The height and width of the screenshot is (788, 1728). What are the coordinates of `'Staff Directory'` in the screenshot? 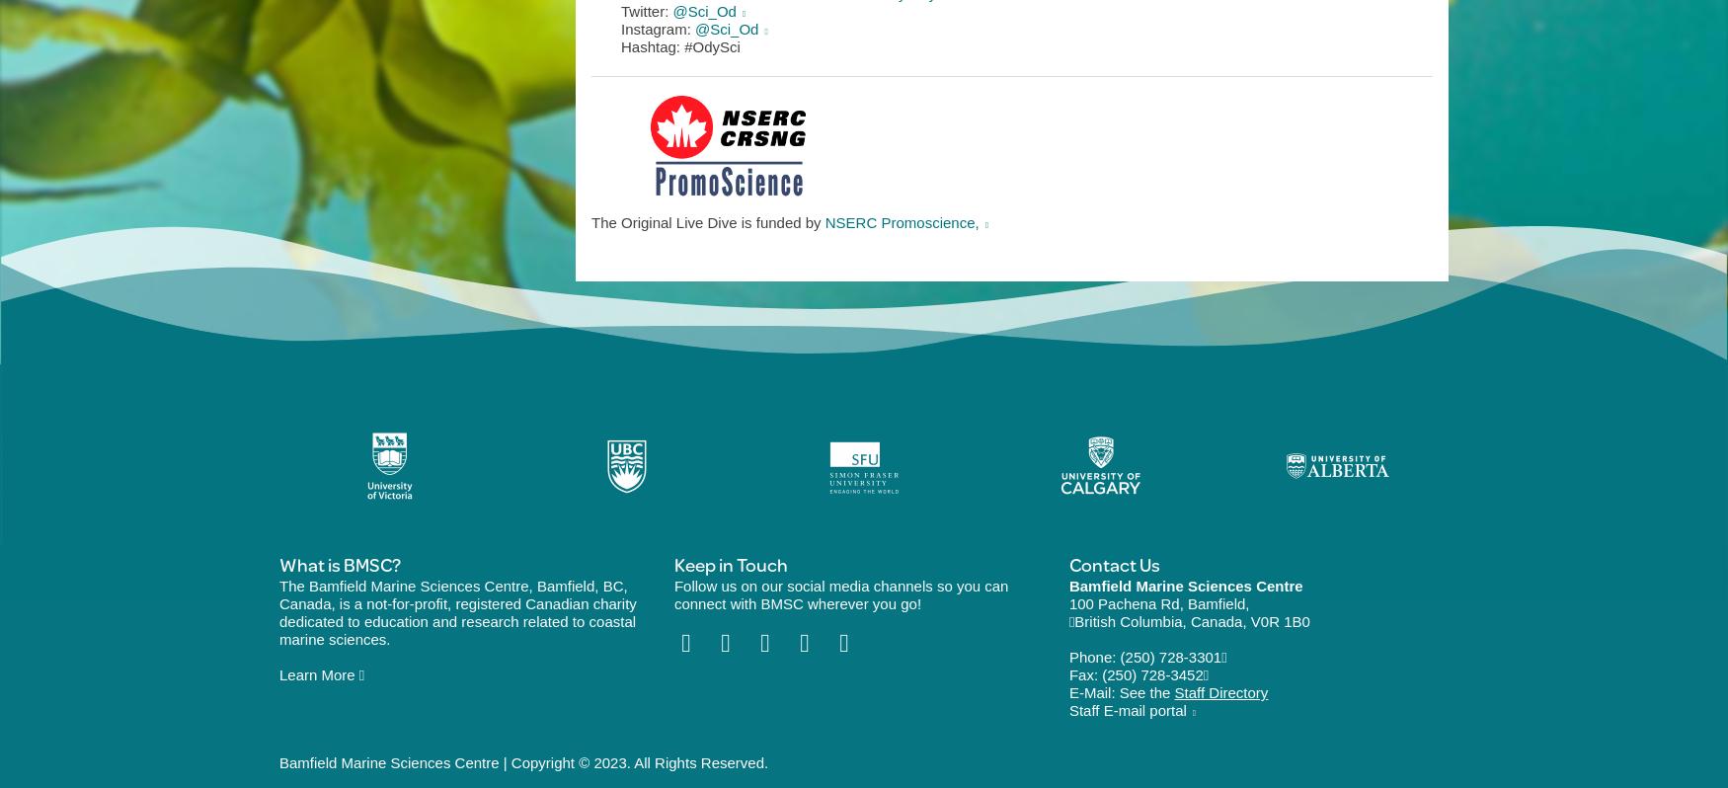 It's located at (1220, 691).